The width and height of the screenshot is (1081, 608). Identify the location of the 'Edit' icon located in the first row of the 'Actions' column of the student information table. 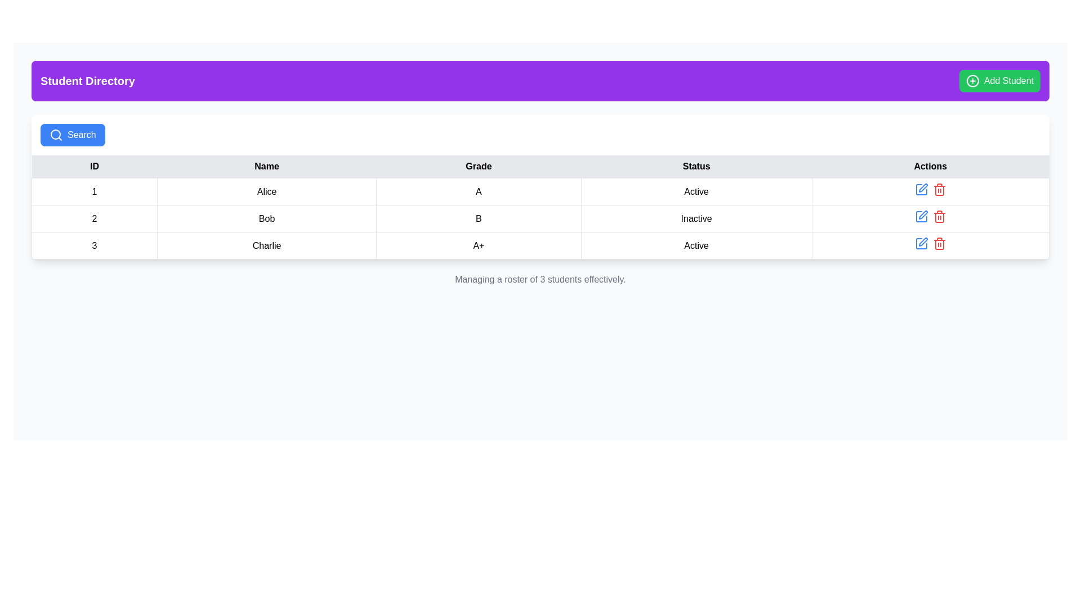
(921, 189).